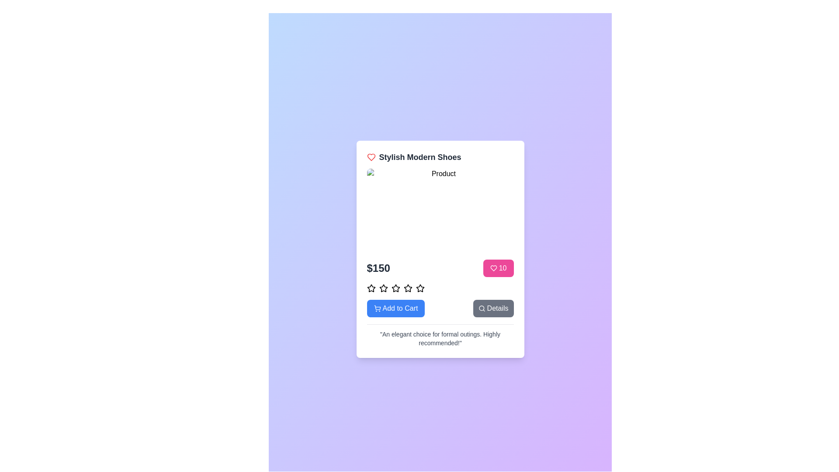  I want to click on a selection across the five star icons starting from the first star, so click(371, 309).